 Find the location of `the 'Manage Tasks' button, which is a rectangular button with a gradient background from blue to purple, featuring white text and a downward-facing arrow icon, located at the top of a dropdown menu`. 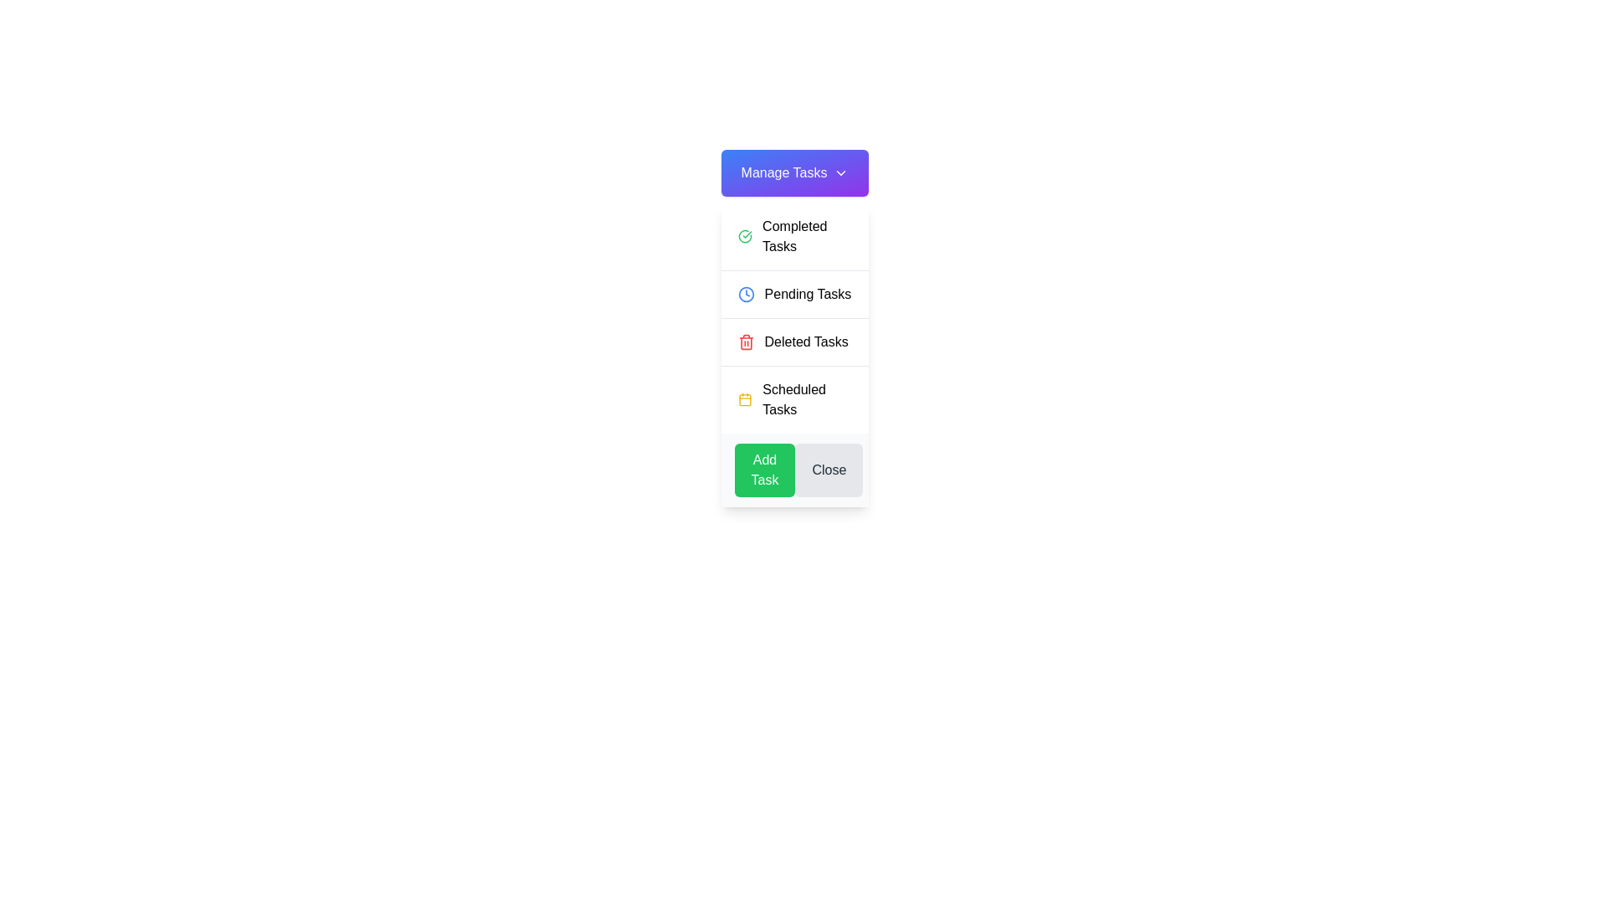

the 'Manage Tasks' button, which is a rectangular button with a gradient background from blue to purple, featuring white text and a downward-facing arrow icon, located at the top of a dropdown menu is located at coordinates (794, 173).